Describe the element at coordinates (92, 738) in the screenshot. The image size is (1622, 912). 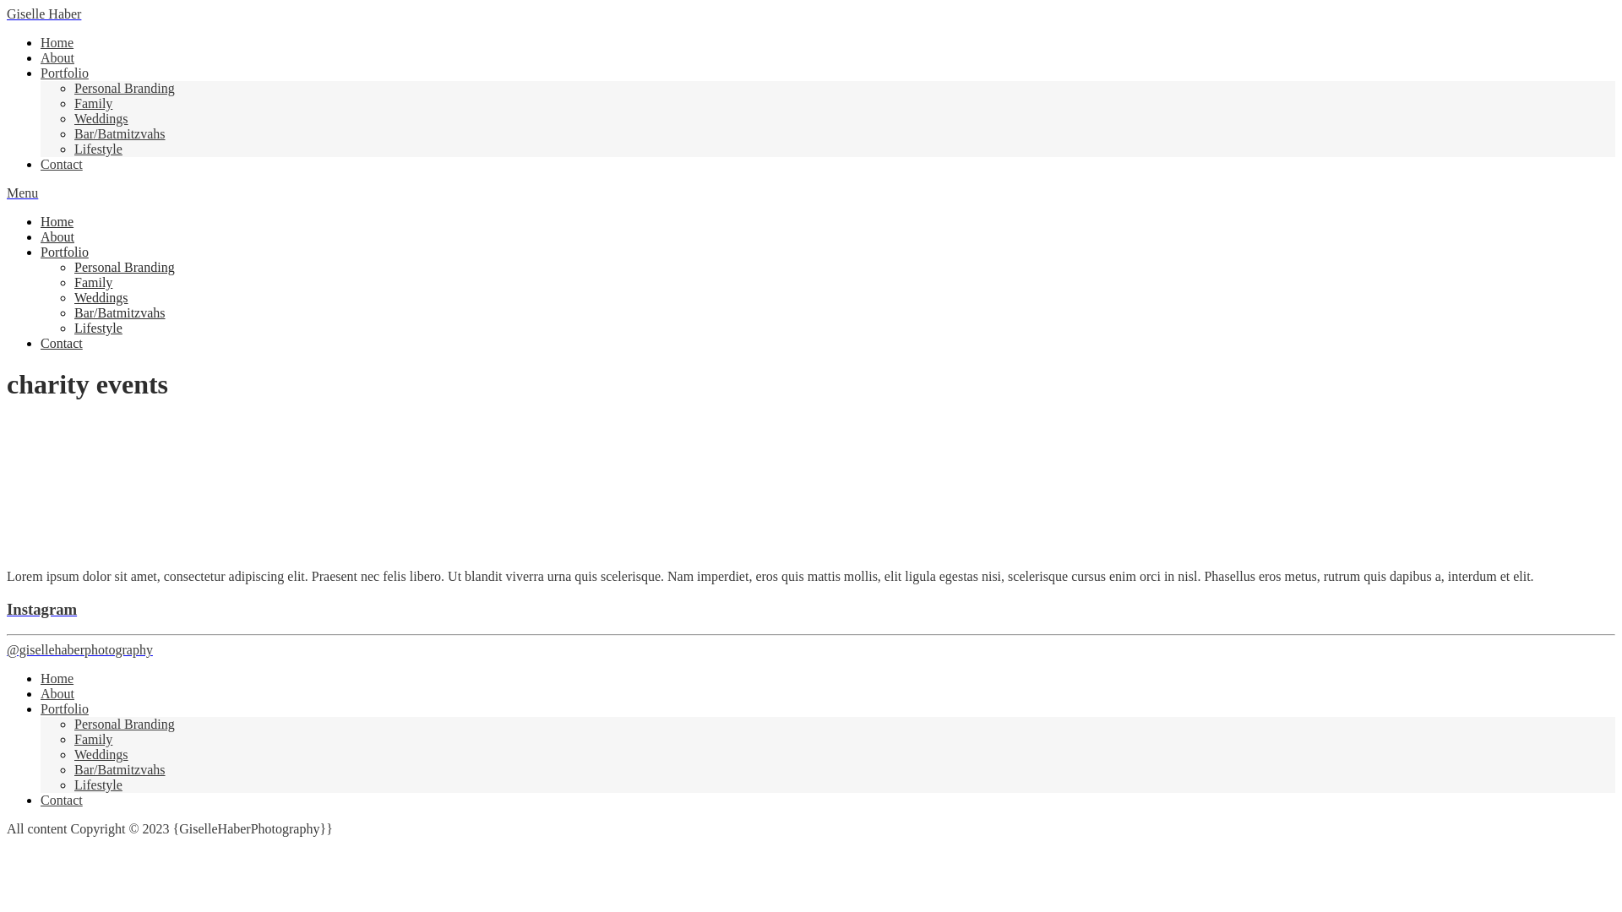
I see `'Family'` at that location.